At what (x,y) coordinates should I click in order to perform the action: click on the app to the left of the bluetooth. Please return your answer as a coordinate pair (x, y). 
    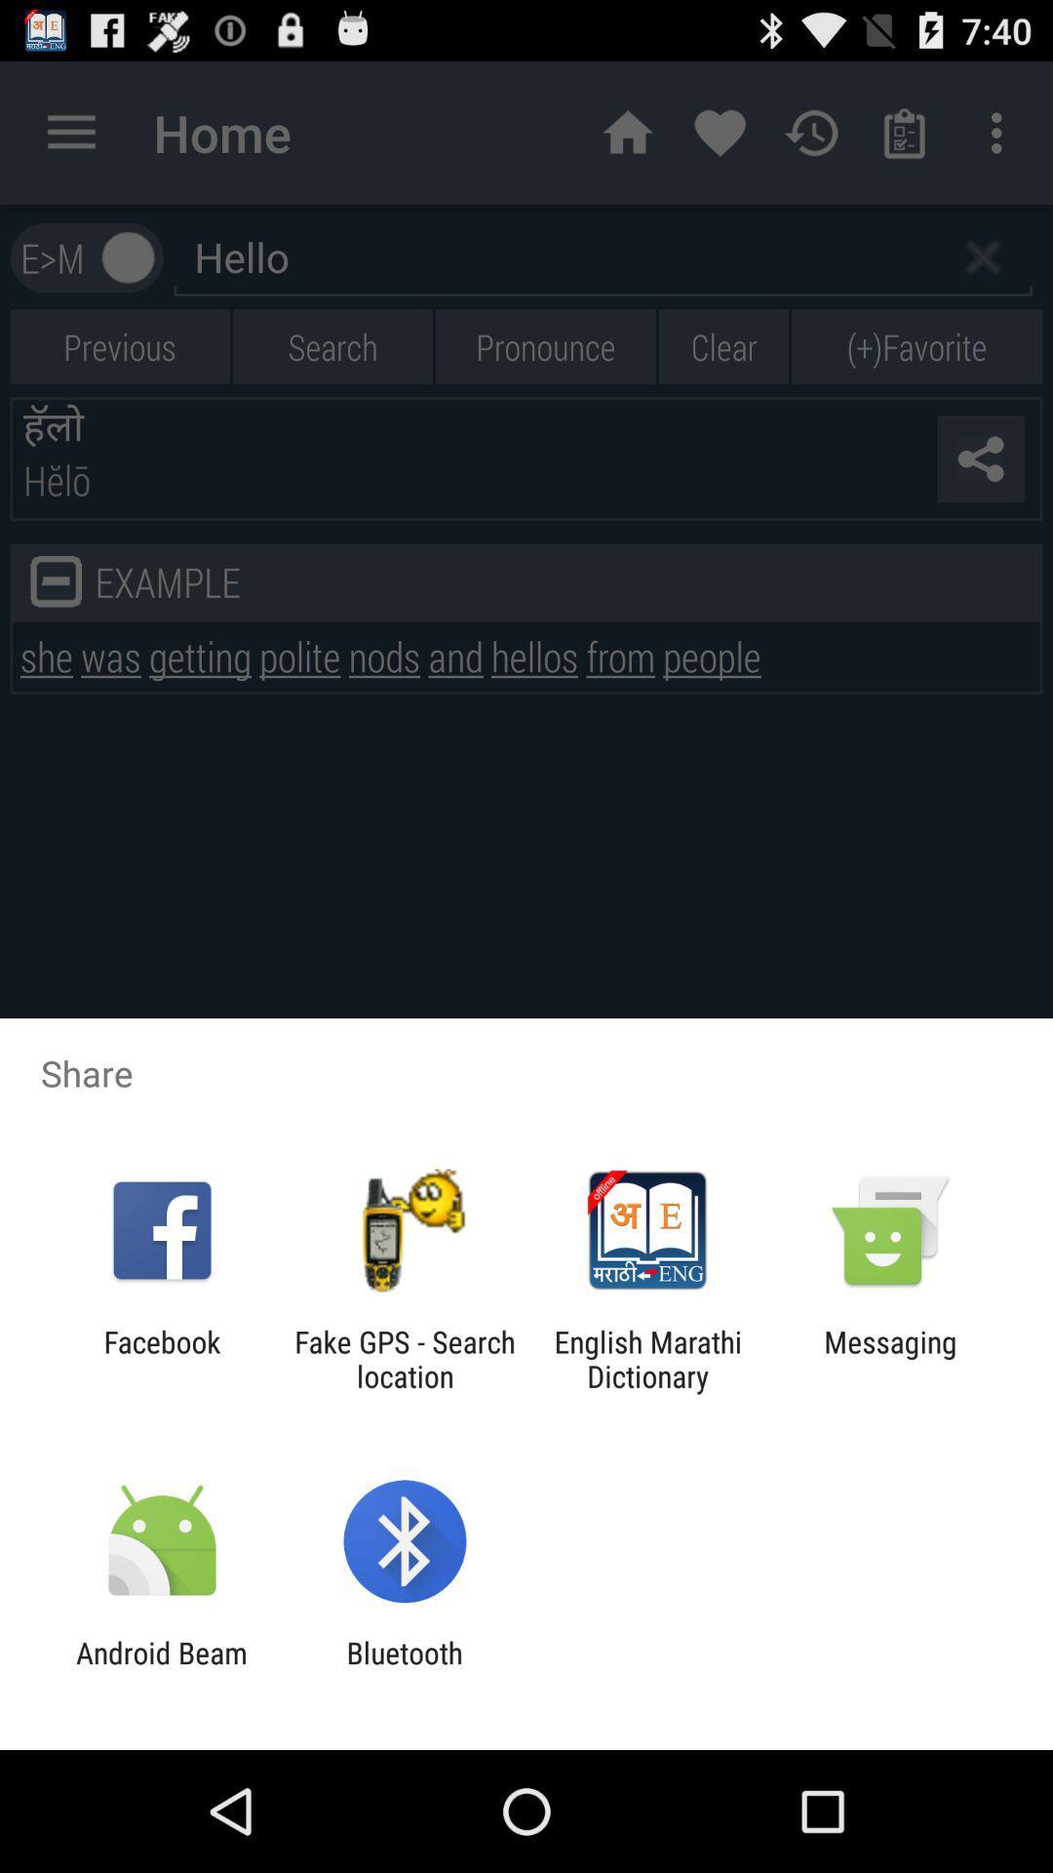
    Looking at the image, I should click on (161, 1669).